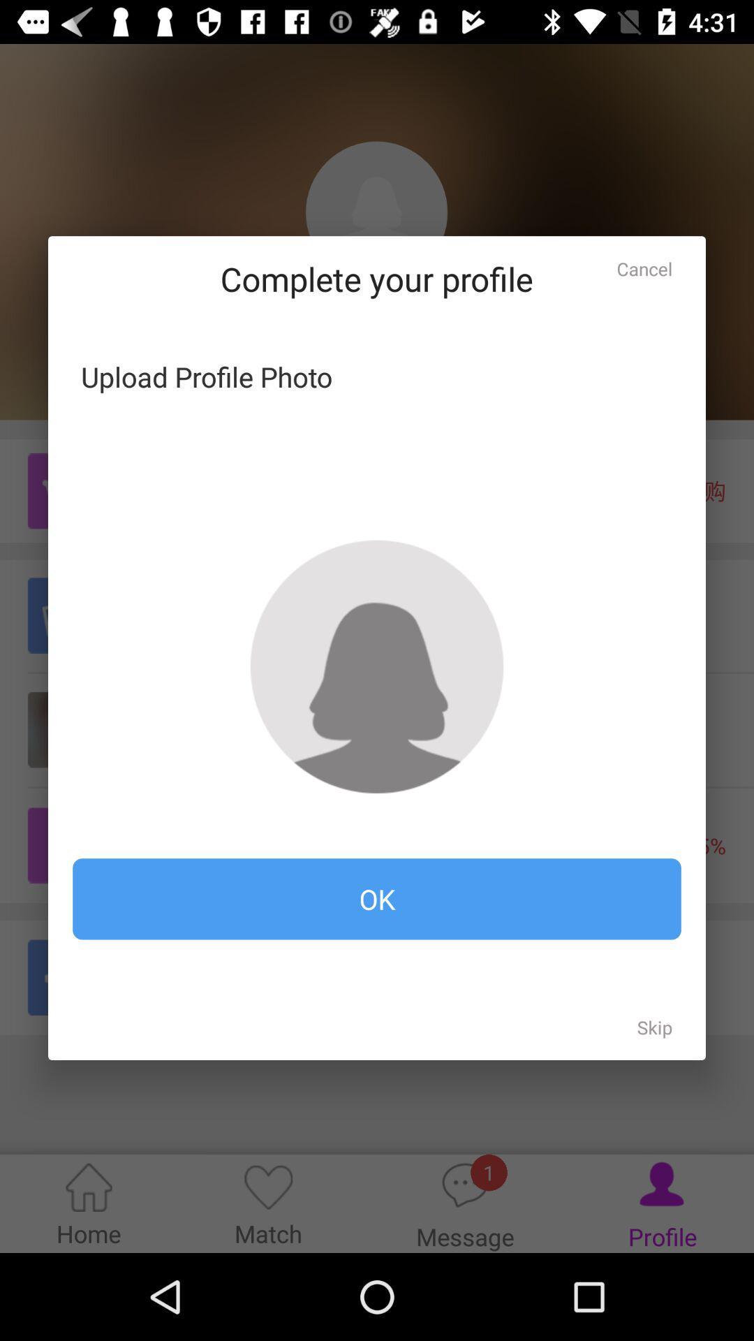 Image resolution: width=754 pixels, height=1341 pixels. Describe the element at coordinates (377, 899) in the screenshot. I see `ok` at that location.